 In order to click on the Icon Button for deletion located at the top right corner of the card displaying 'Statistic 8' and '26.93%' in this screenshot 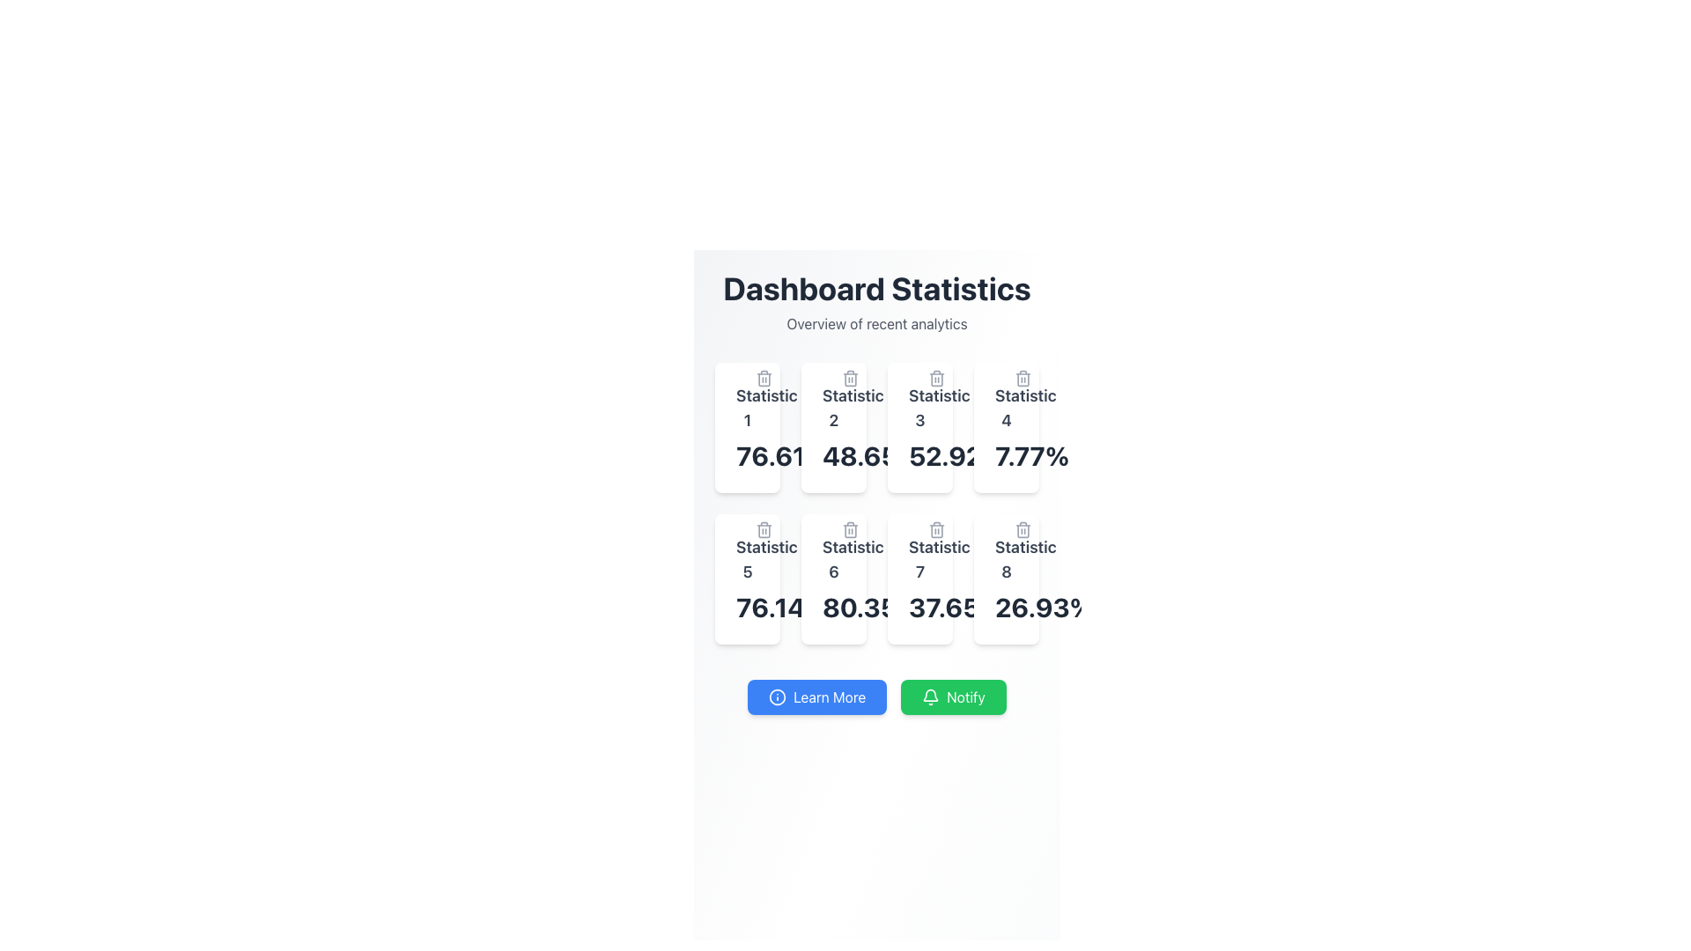, I will do `click(1023, 528)`.